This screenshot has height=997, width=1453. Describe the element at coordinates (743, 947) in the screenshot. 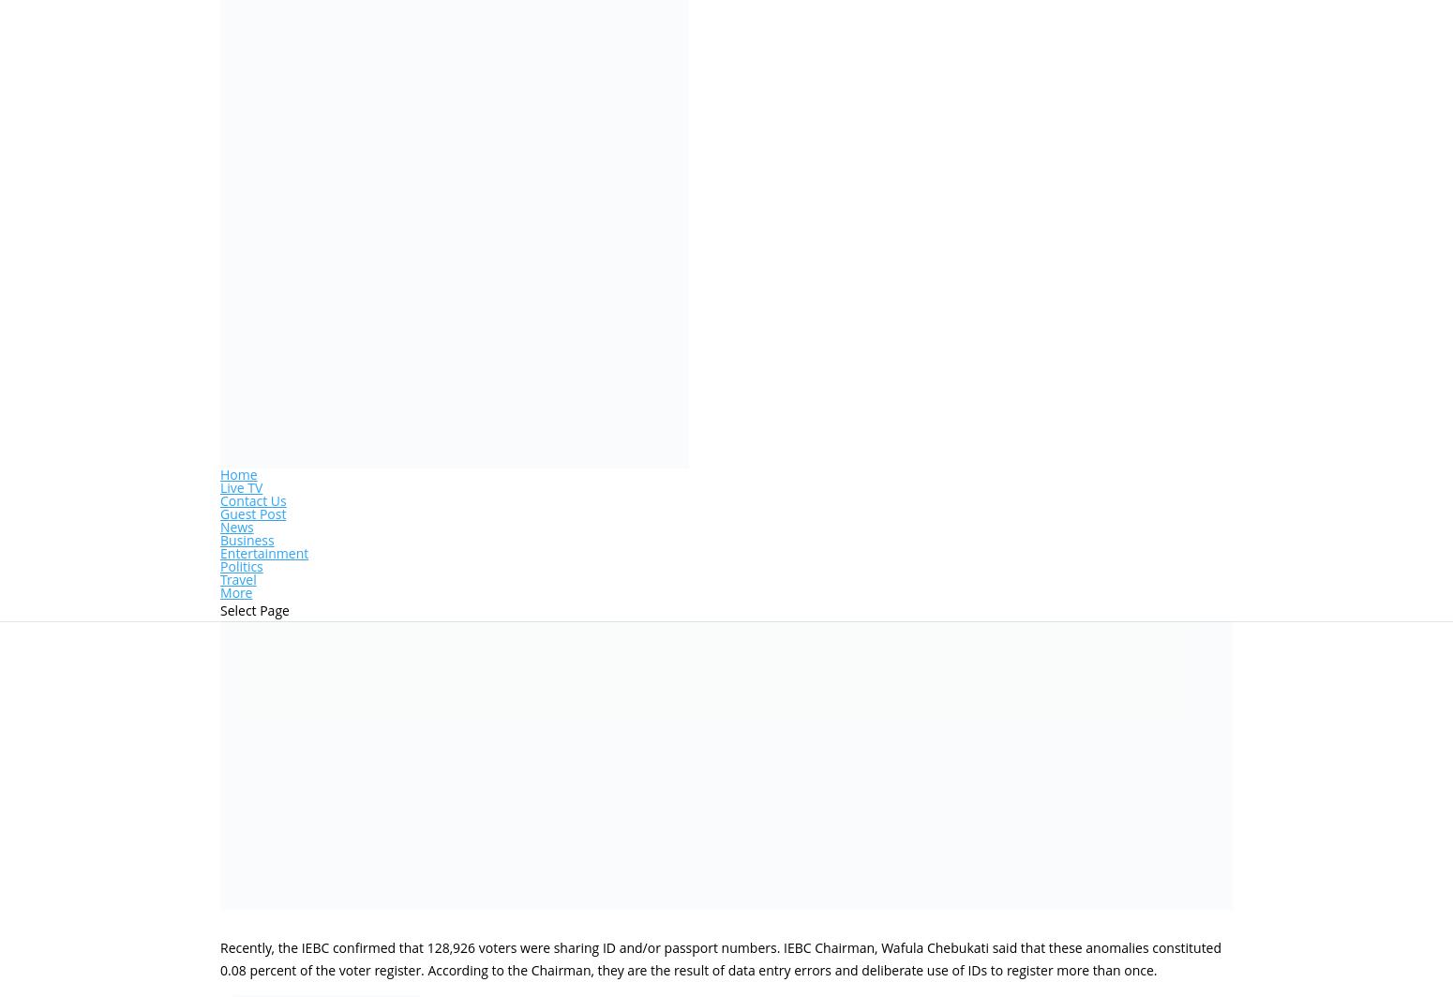

I see `'Content is protected !!'` at that location.